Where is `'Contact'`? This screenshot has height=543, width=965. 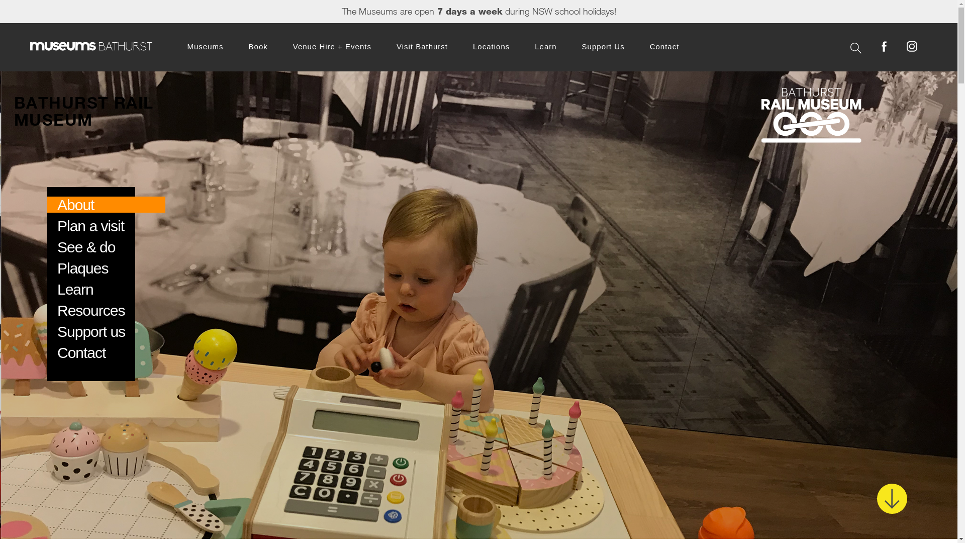
'Contact' is located at coordinates (649, 46).